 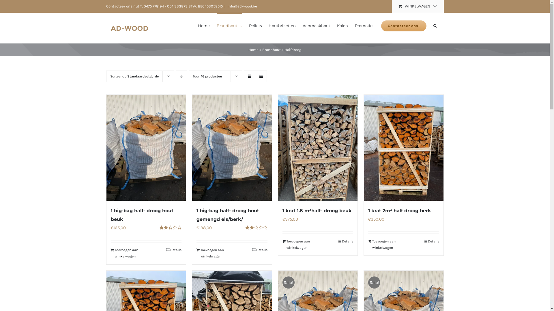 I want to click on 'Kolen', so click(x=342, y=25).